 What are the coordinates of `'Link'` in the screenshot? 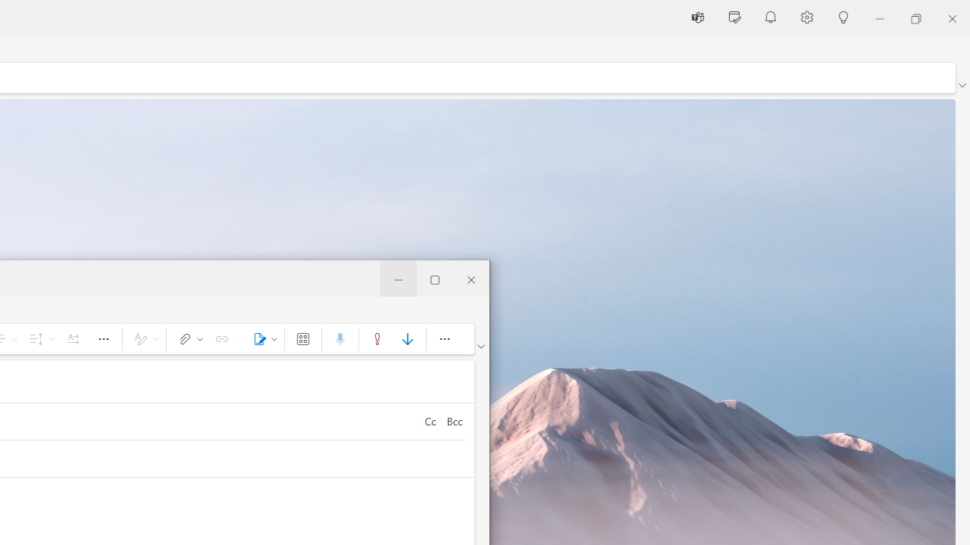 It's located at (224, 338).